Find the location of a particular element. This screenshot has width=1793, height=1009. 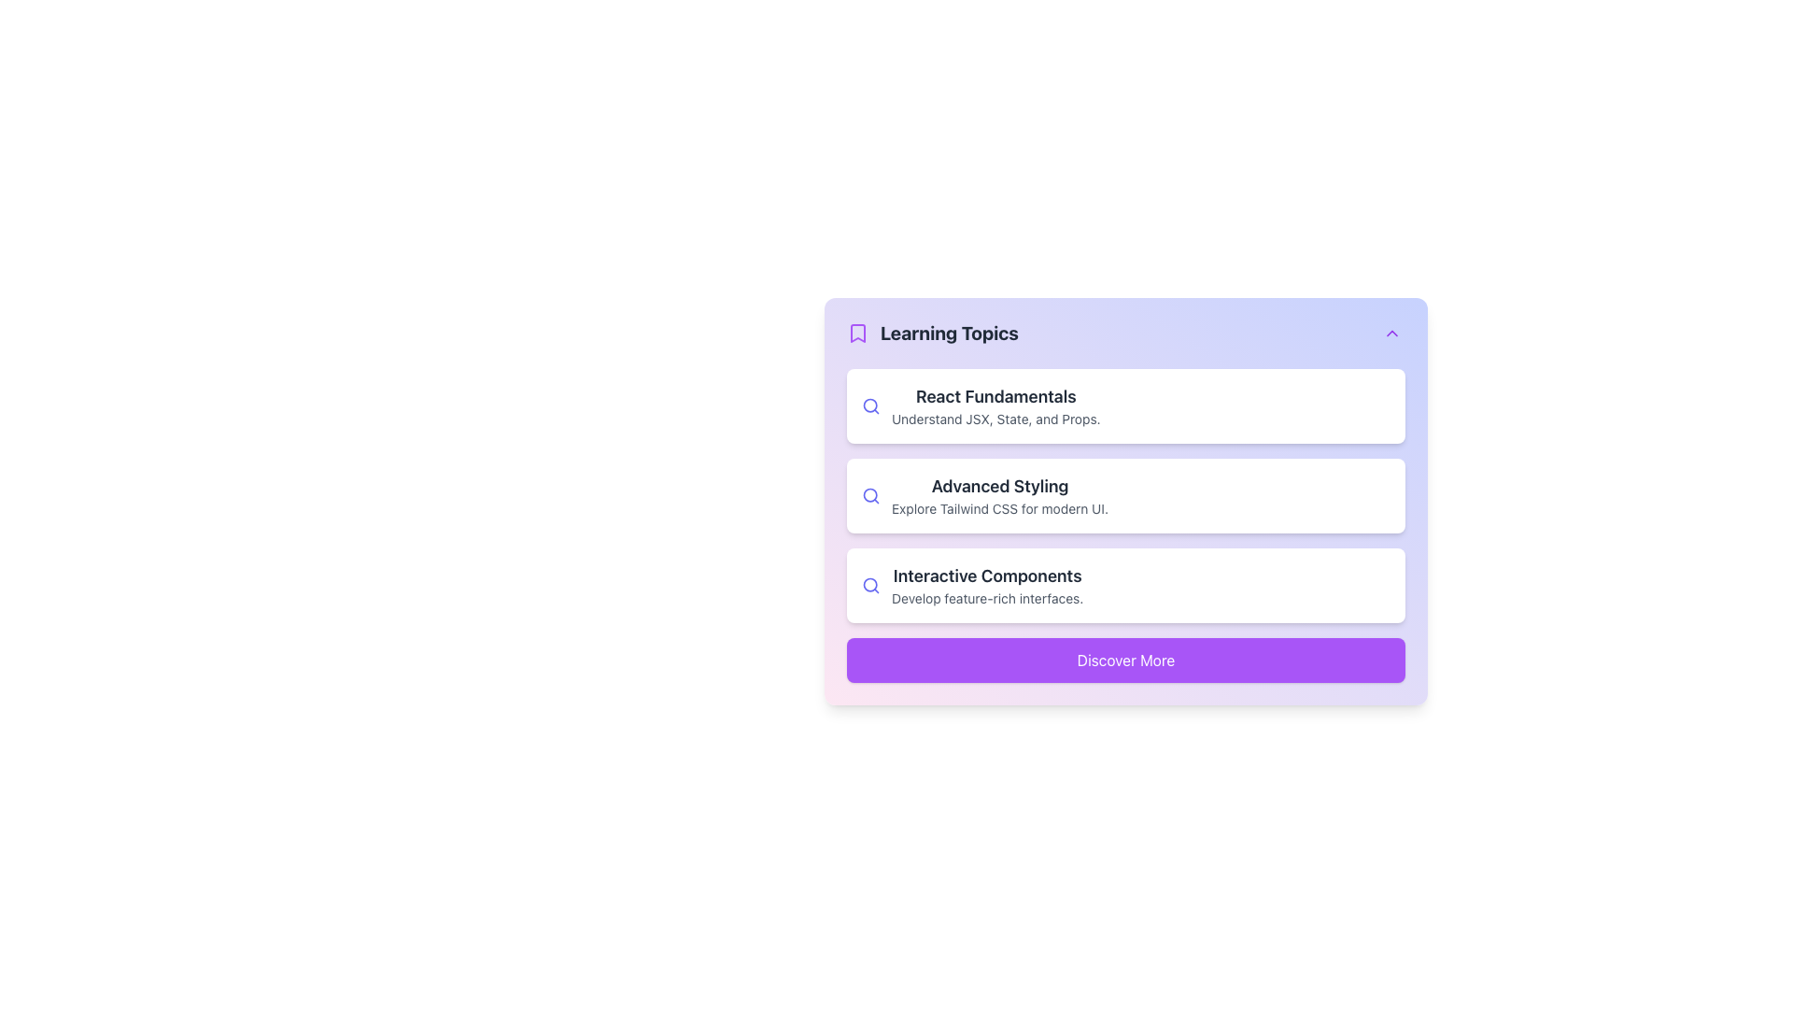

text label that serves as the title for the section, located in the upper section of the card, to the right of a bookmark icon is located at coordinates (950, 333).